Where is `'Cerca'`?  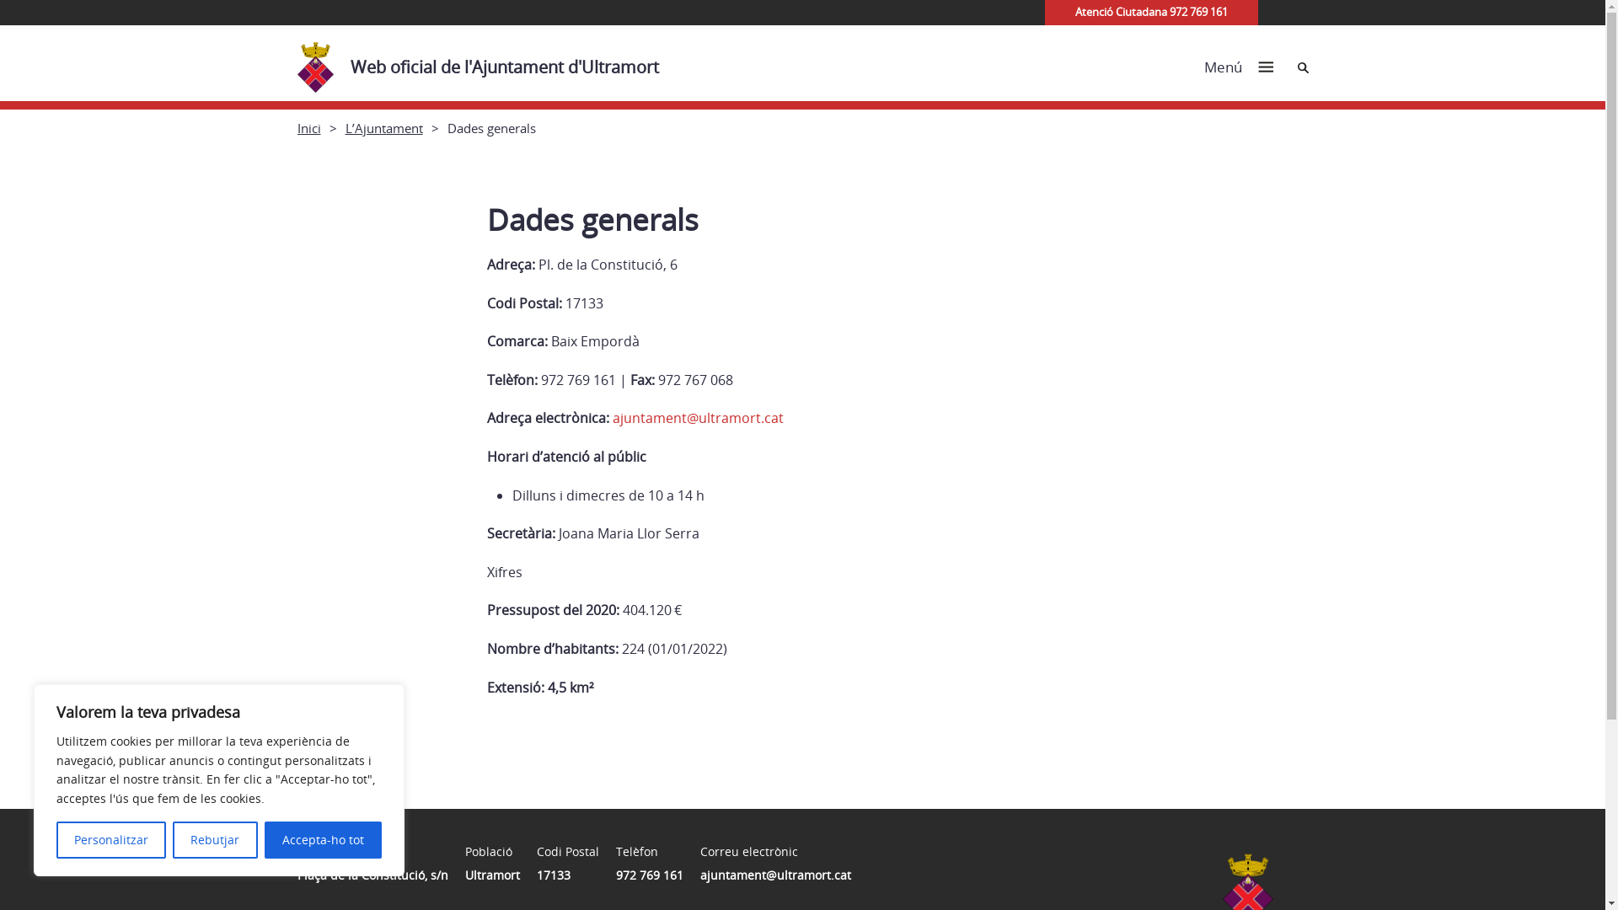 'Cerca' is located at coordinates (1302, 67).